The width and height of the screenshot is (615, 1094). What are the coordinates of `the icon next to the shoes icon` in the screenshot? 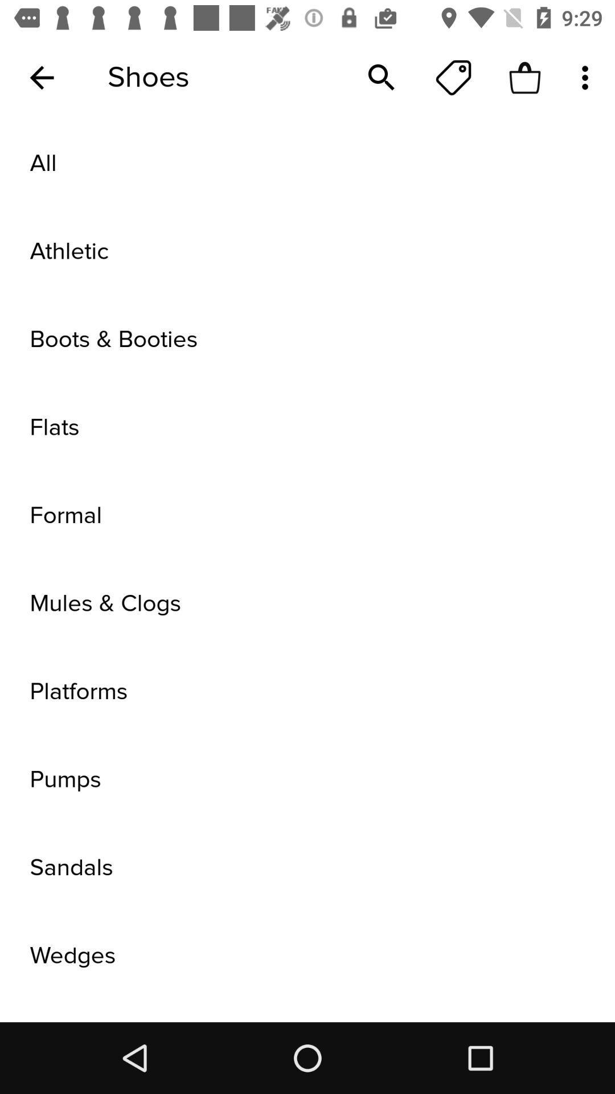 It's located at (41, 77).